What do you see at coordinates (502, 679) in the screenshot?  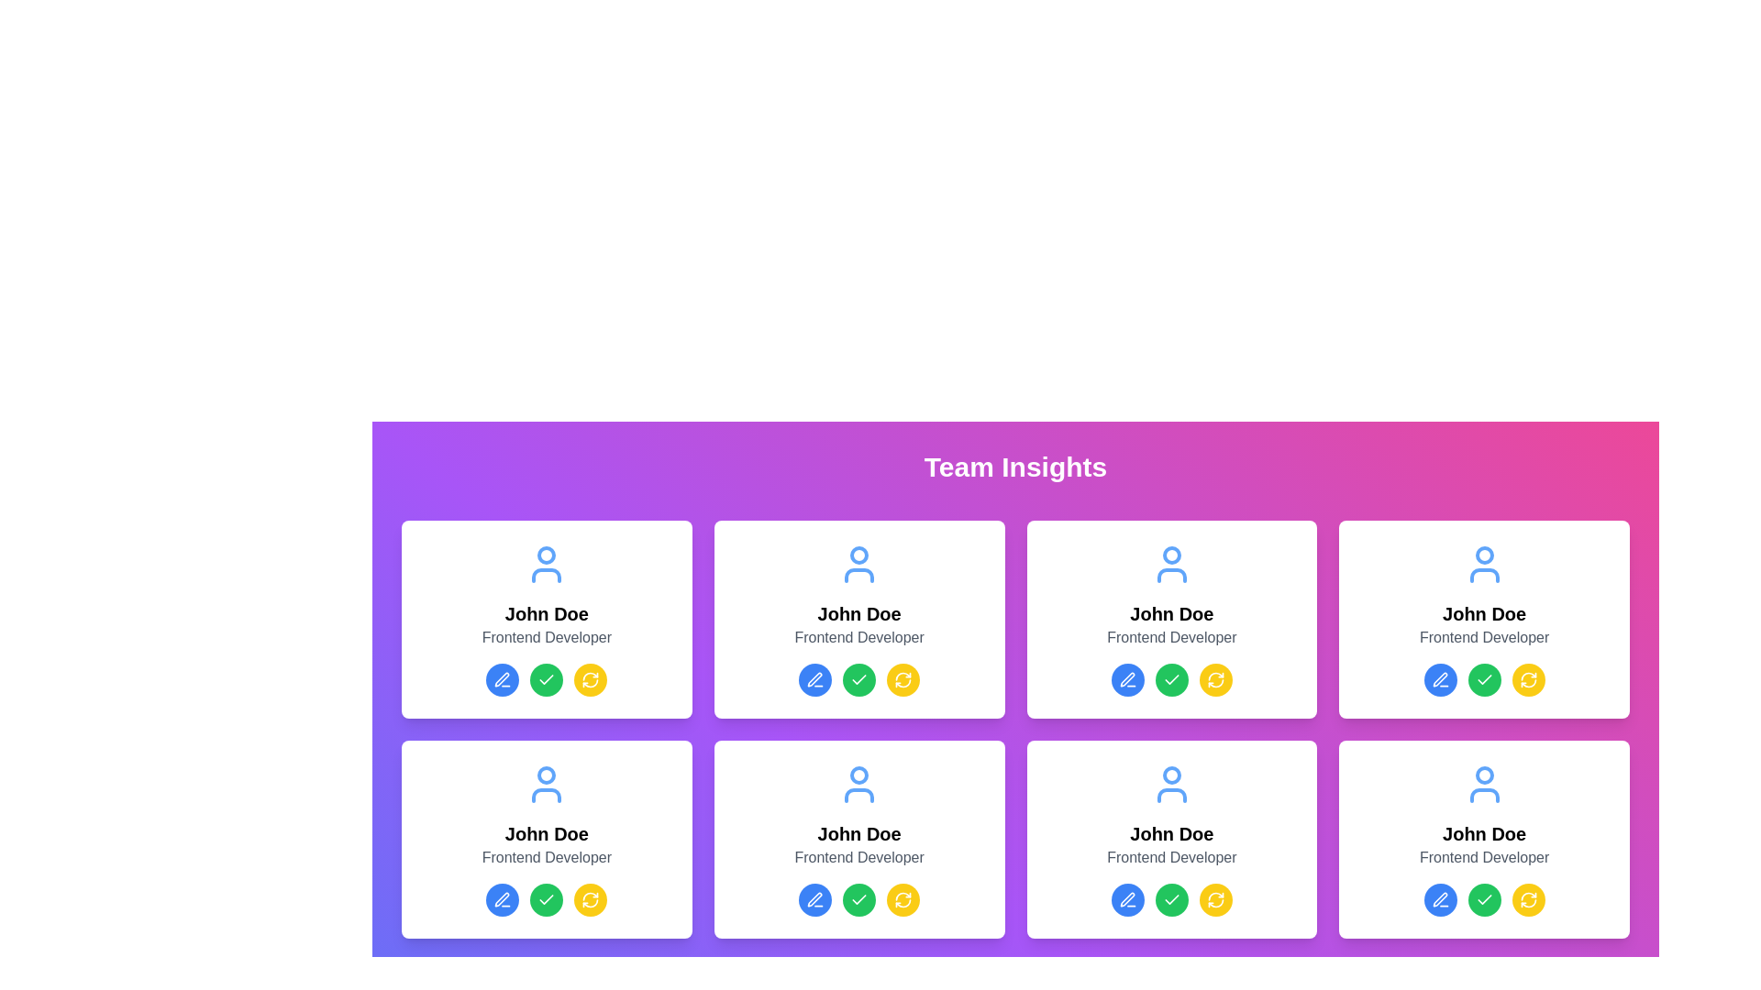 I see `the pencil icon located at the bottom-left corner of the card` at bounding box center [502, 679].